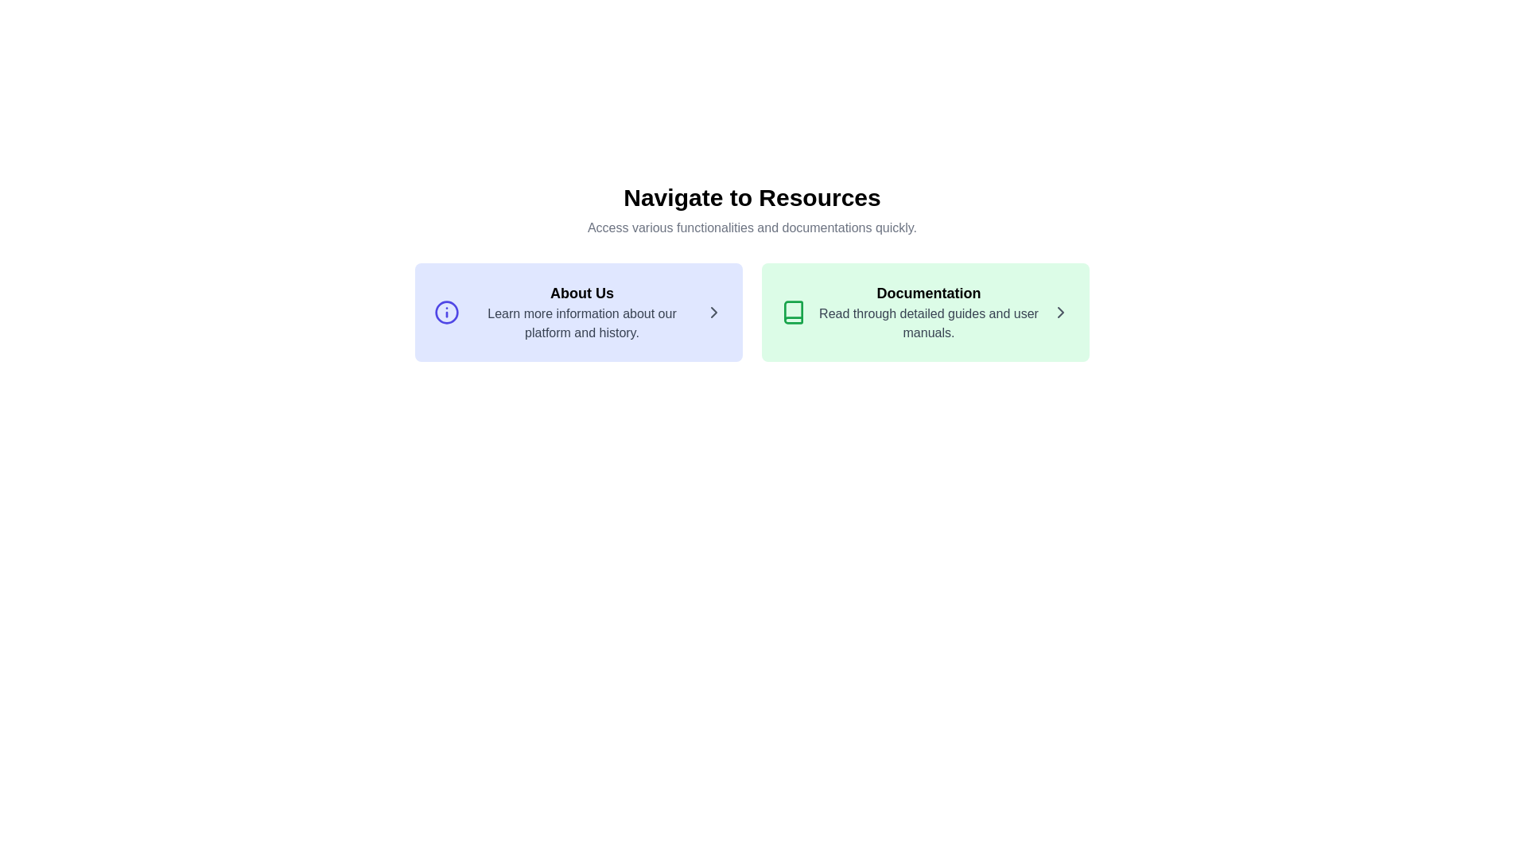 Image resolution: width=1527 pixels, height=859 pixels. Describe the element at coordinates (581, 313) in the screenshot. I see `the non-interactive text display block that provides information about the platform's background and history, located in the first card of a two-card layout, below the main heading and subtext` at that location.